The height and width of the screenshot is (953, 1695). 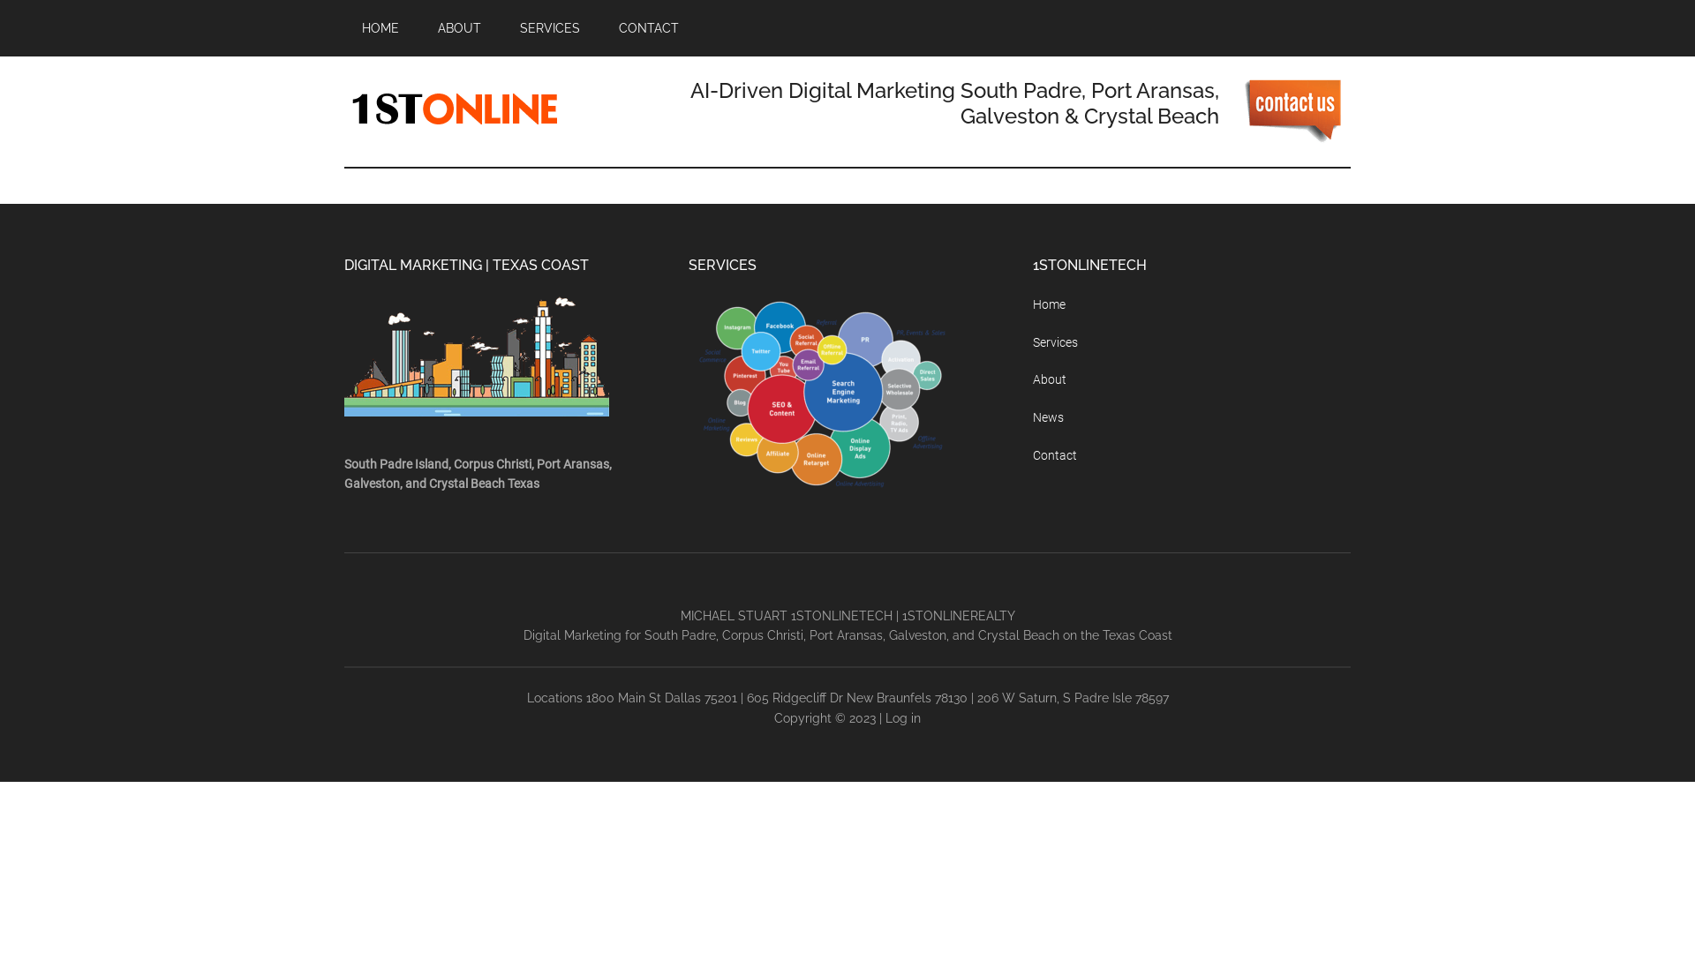 I want to click on 'HOME', so click(x=380, y=27).